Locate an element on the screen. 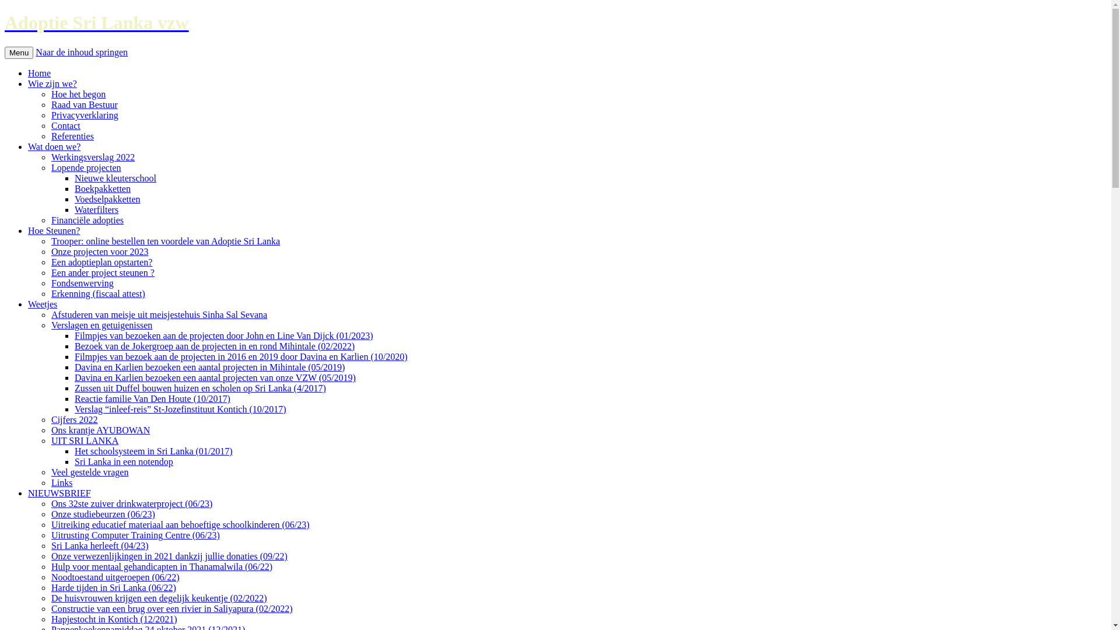 The image size is (1120, 630). 'Ons 32ste zuiver drinkwaterproject (06/23)' is located at coordinates (50, 503).